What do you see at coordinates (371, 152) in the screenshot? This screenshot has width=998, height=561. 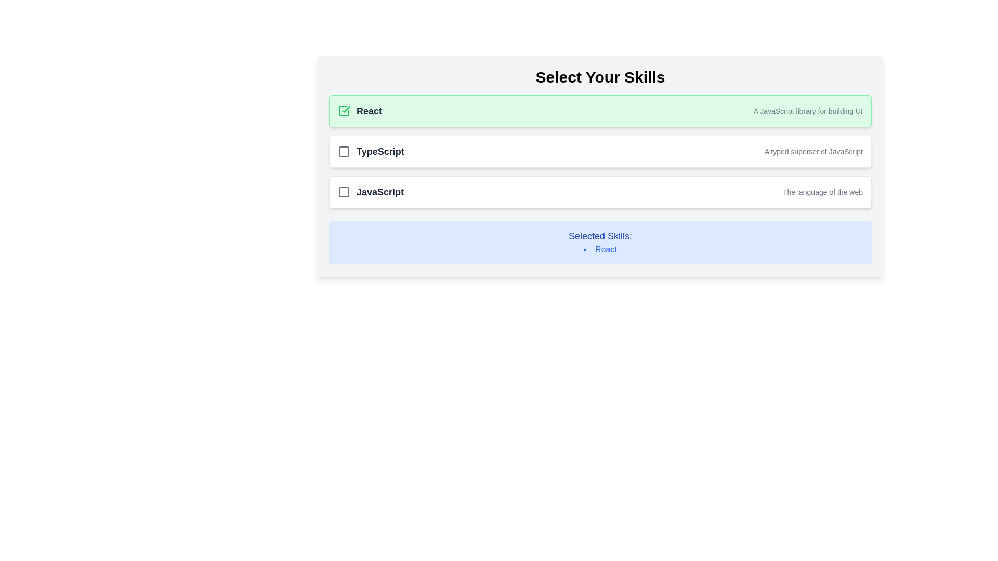 I see `text 'TypeScript' from the label styled in bold gray, positioned next to the unchecked checkbox icon within the selectable card` at bounding box center [371, 152].